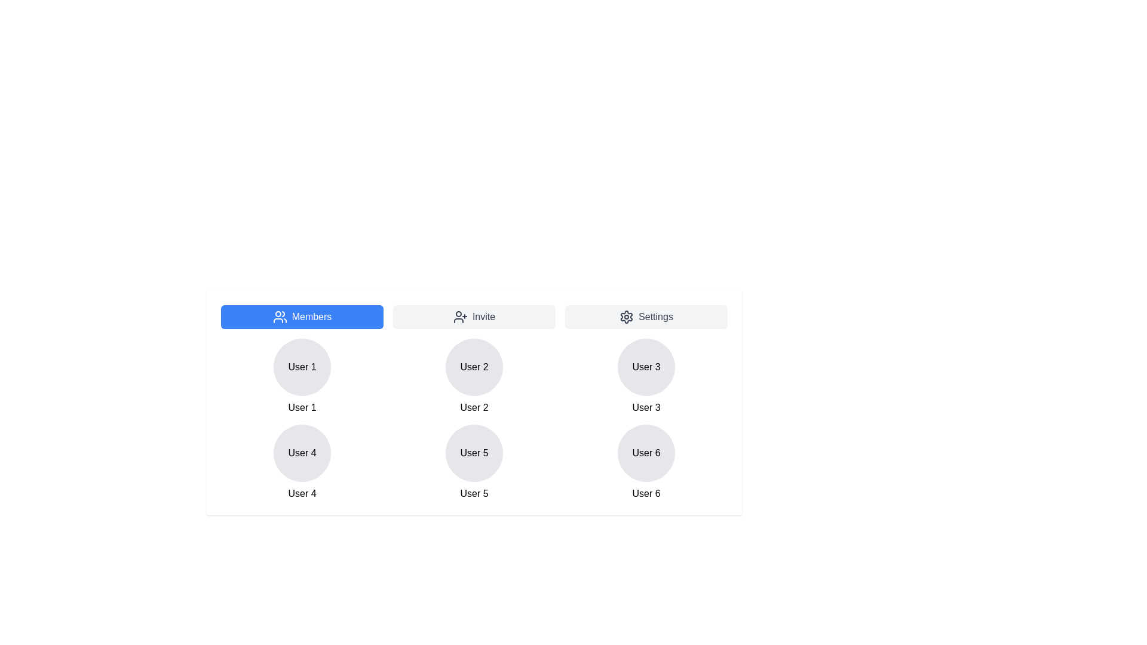 Image resolution: width=1147 pixels, height=645 pixels. Describe the element at coordinates (312, 317) in the screenshot. I see `the 'Members' text label` at that location.